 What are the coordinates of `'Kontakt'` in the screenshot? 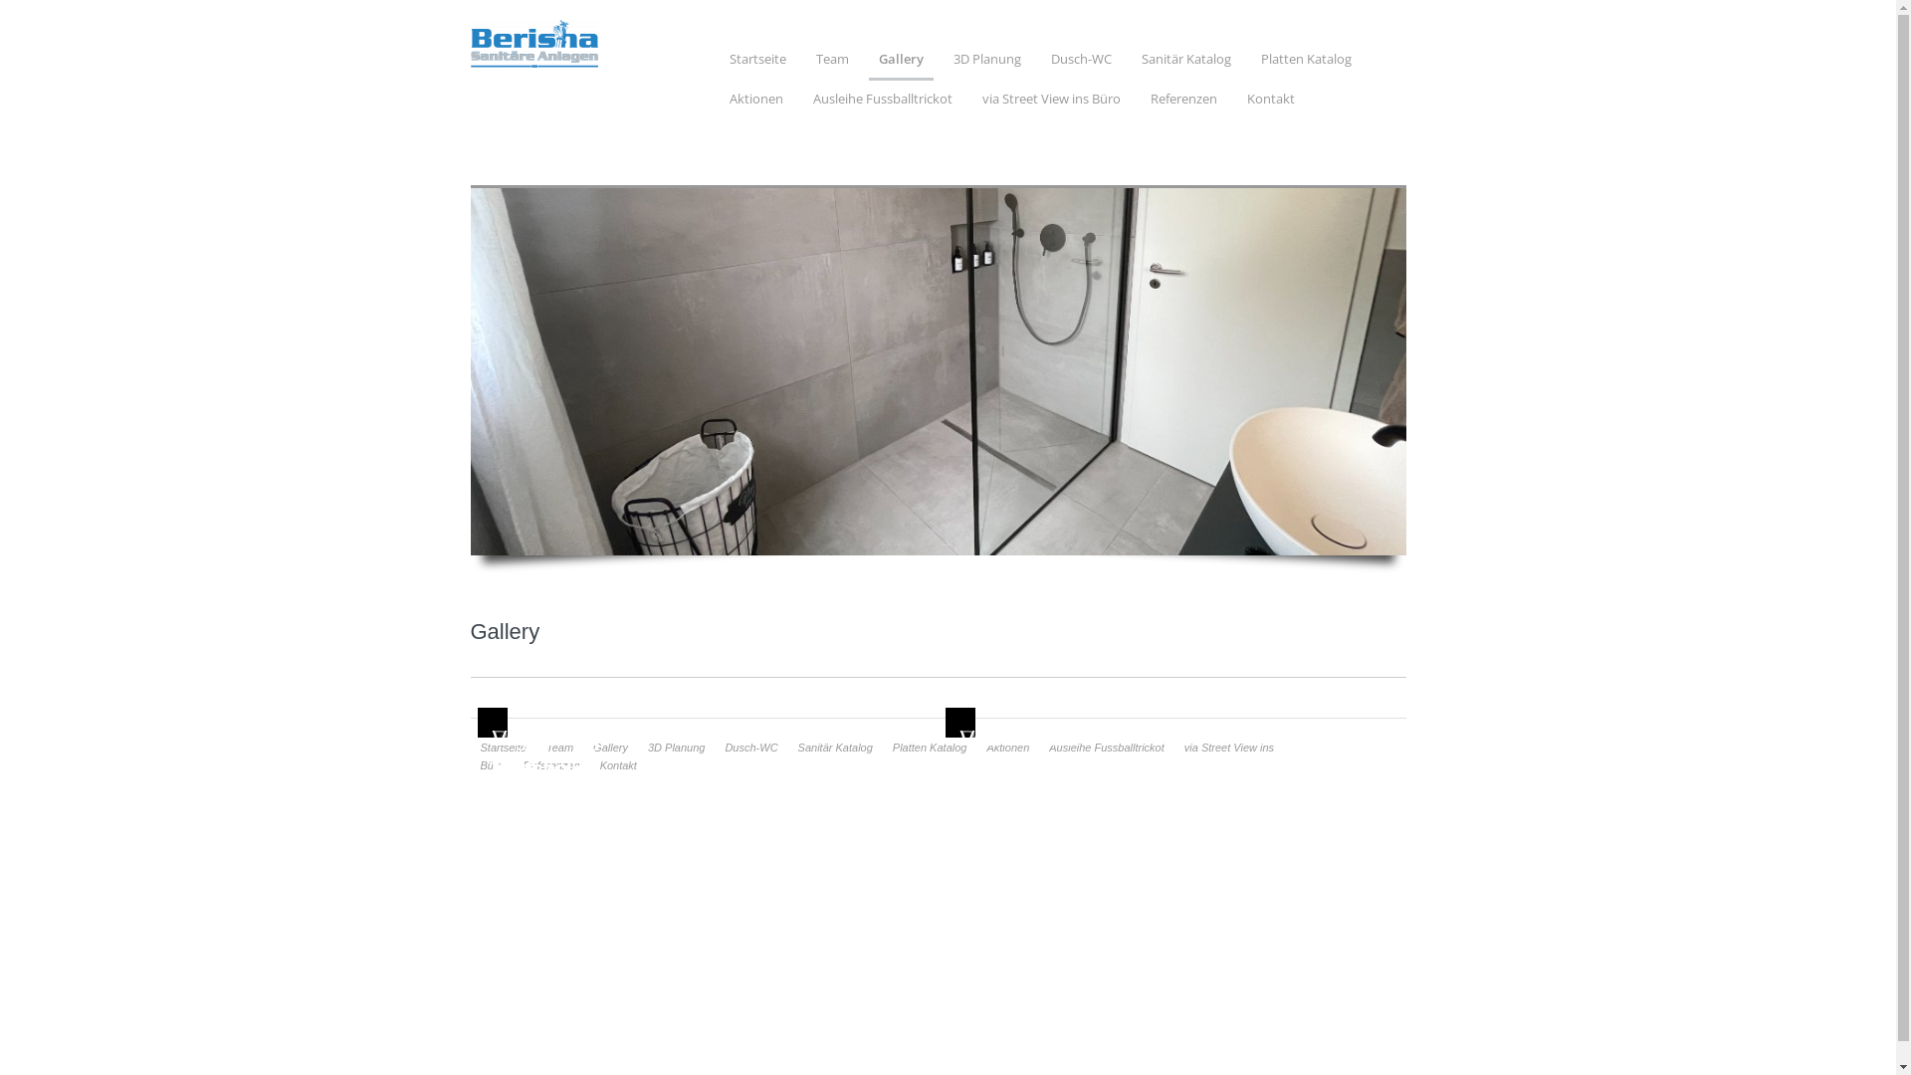 It's located at (1269, 104).